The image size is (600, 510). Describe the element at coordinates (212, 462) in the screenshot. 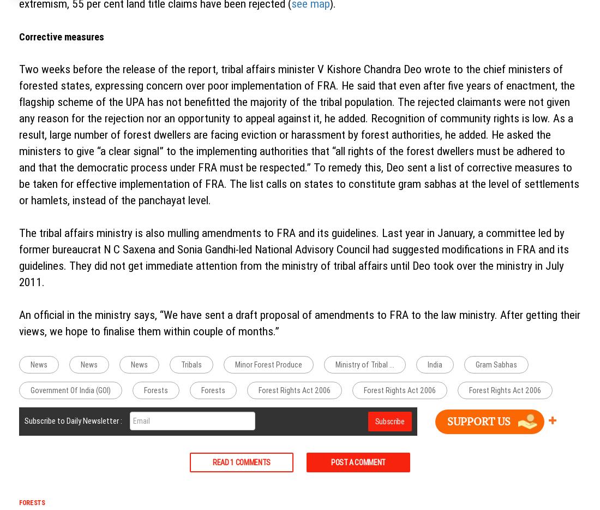

I see `'Read 1 Comments'` at that location.